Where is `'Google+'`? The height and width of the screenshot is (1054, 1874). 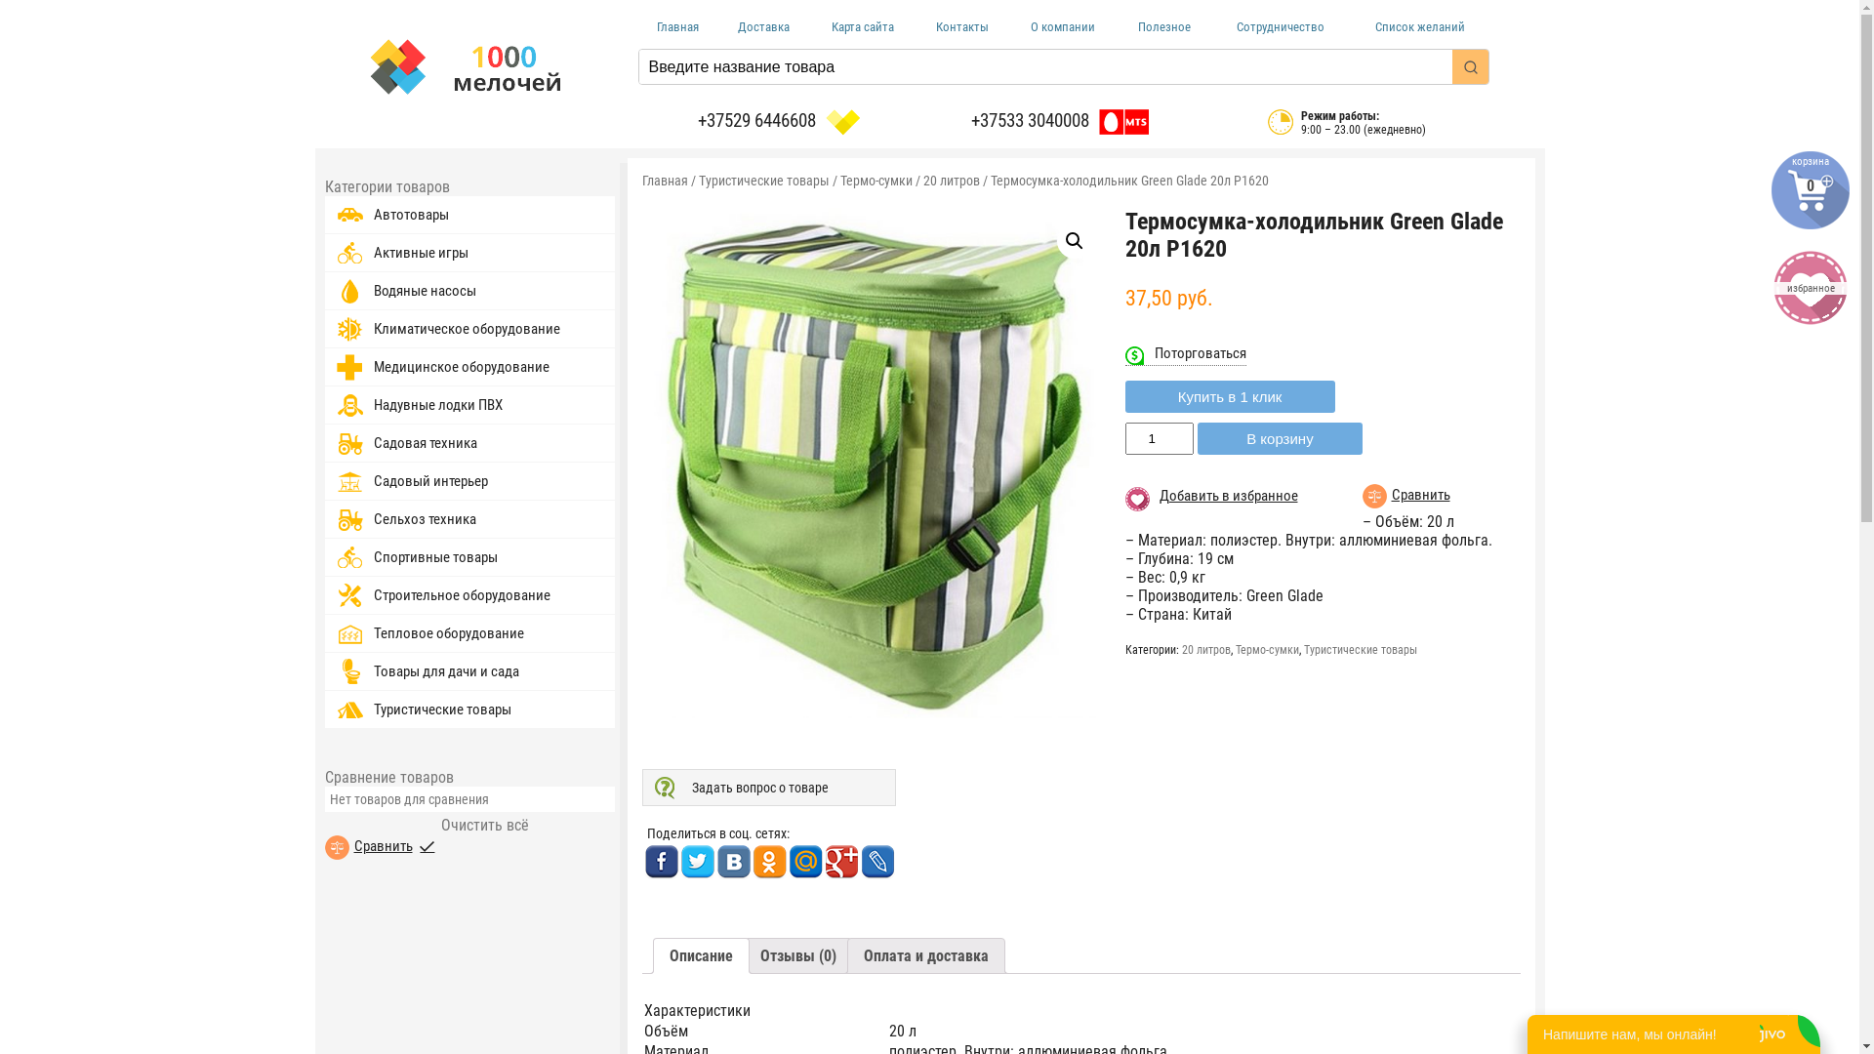
'Google+' is located at coordinates (840, 861).